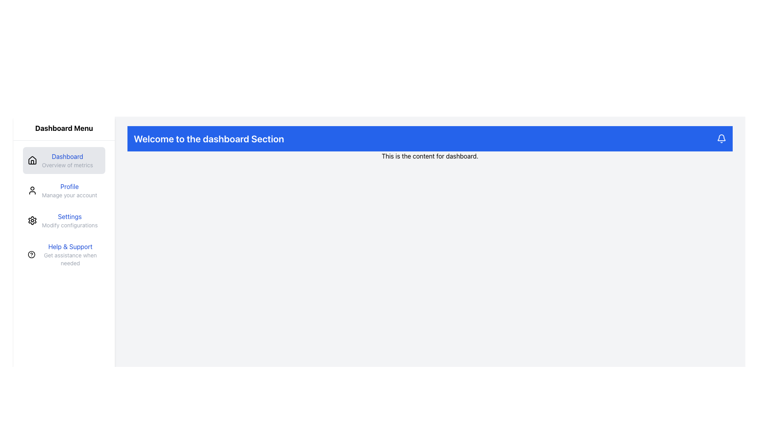 The height and width of the screenshot is (427, 760). I want to click on the help and support icon located in the sidebar menu, positioned to the left of the text 'Help & Support', so click(31, 255).